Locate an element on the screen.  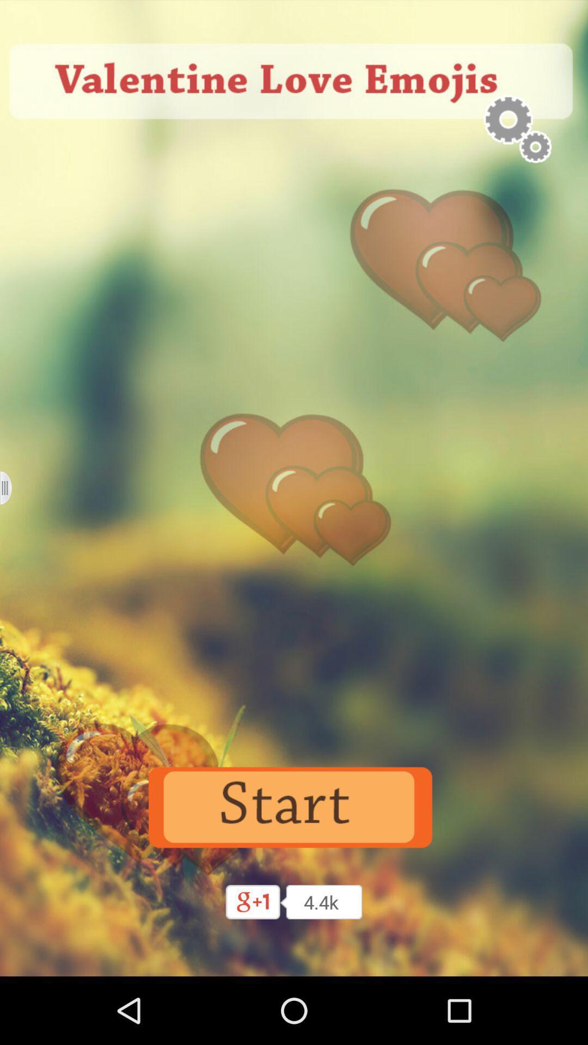
to start the process is located at coordinates (294, 808).